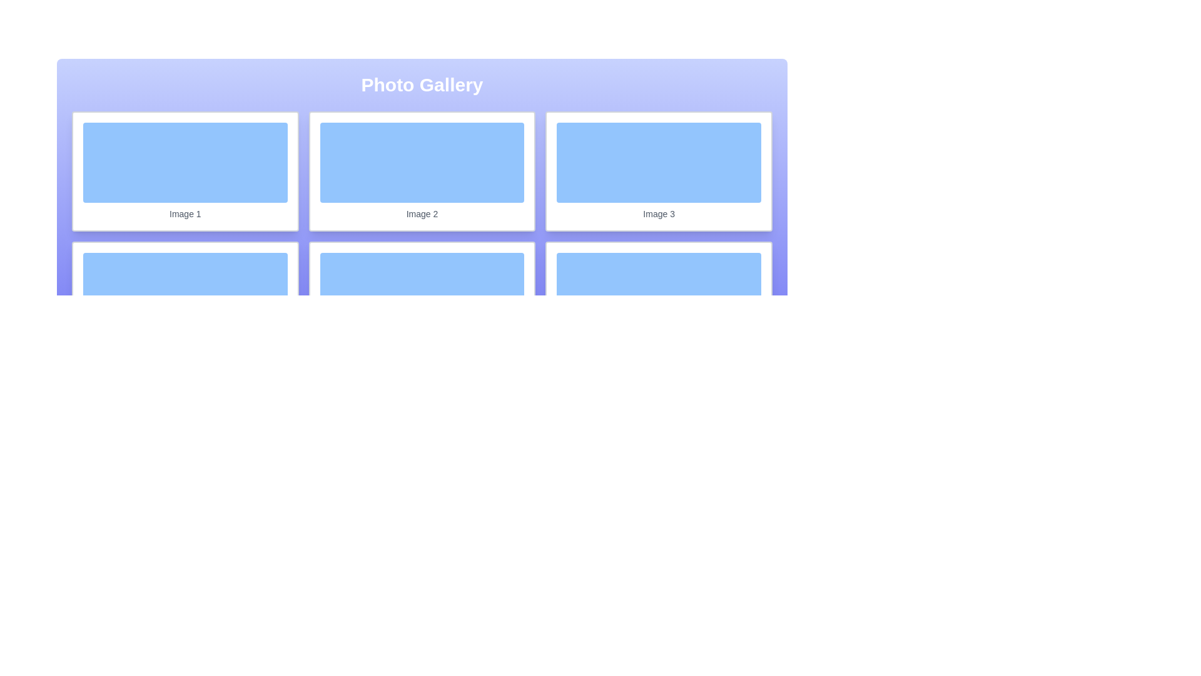  I want to click on the Text Label that serves as a label for the photo above it in the center thumbnail of the grid in the photo gallery interface, so click(422, 213).